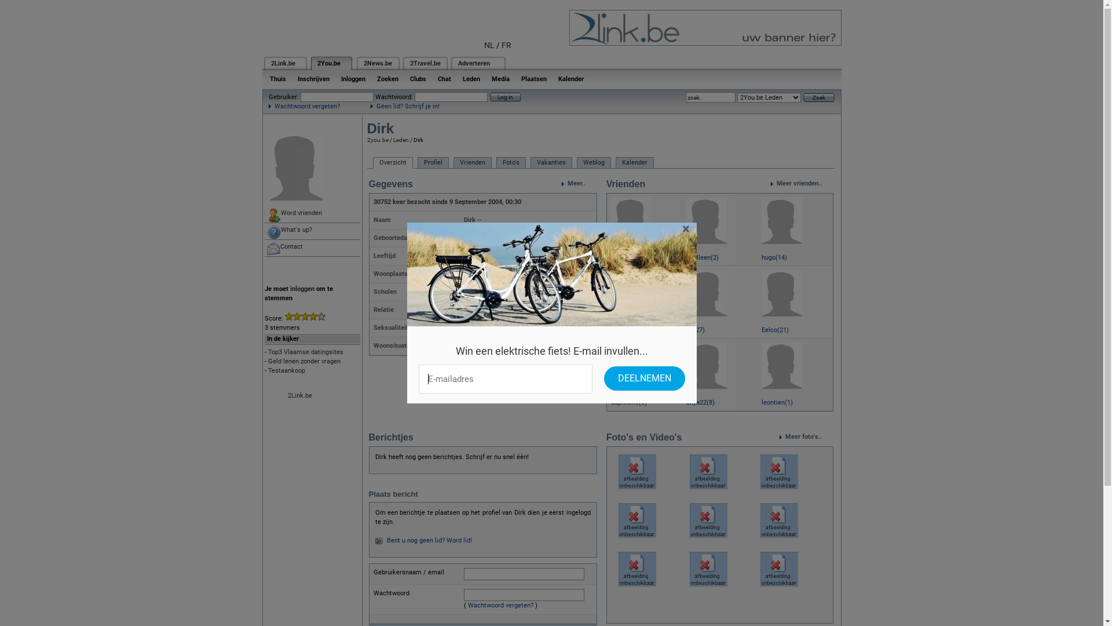 This screenshot has width=1112, height=626. What do you see at coordinates (425, 63) in the screenshot?
I see `'2Travel.be'` at bounding box center [425, 63].